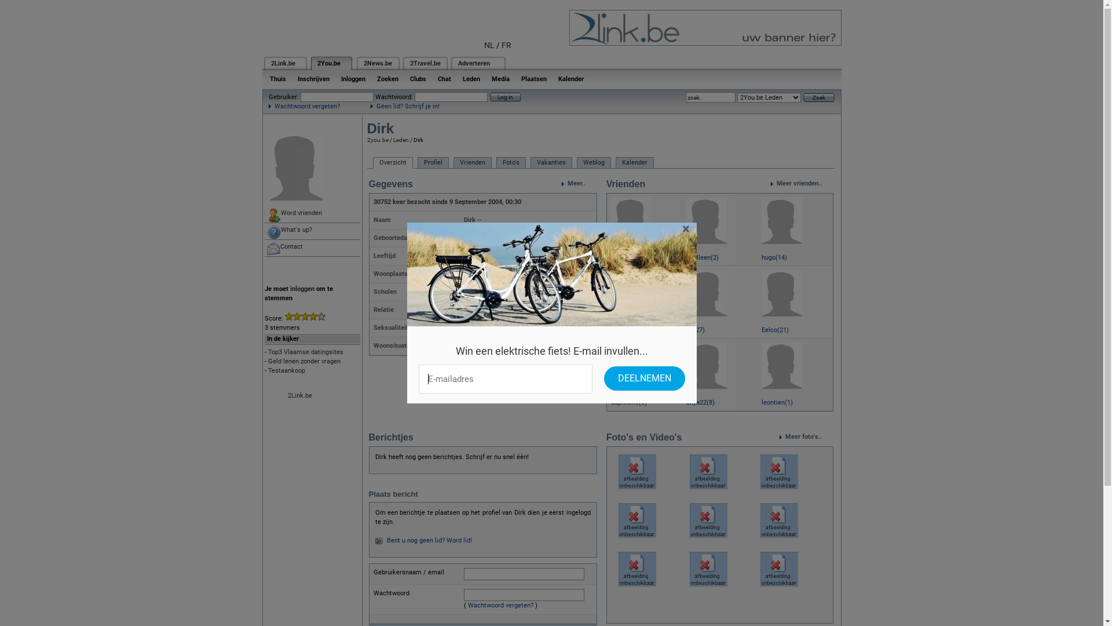 This screenshot has width=1112, height=626. What do you see at coordinates (425, 63) in the screenshot?
I see `'2Travel.be'` at bounding box center [425, 63].